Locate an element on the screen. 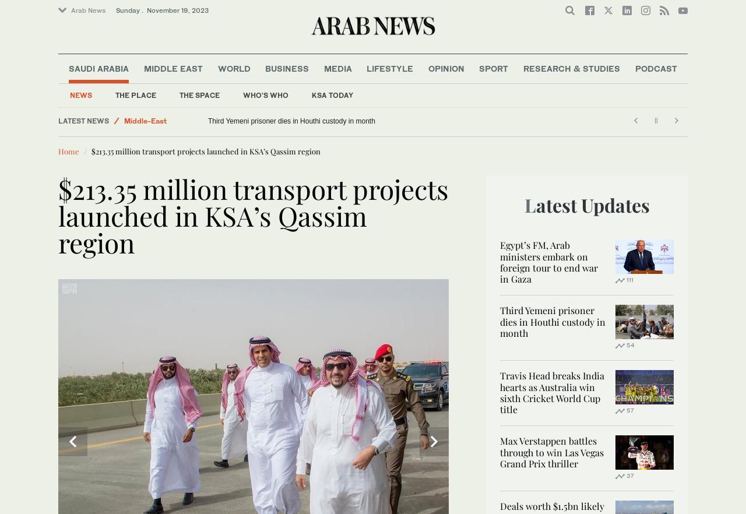 This screenshot has width=746, height=514. 'Saudi Football' is located at coordinates (102, 94).